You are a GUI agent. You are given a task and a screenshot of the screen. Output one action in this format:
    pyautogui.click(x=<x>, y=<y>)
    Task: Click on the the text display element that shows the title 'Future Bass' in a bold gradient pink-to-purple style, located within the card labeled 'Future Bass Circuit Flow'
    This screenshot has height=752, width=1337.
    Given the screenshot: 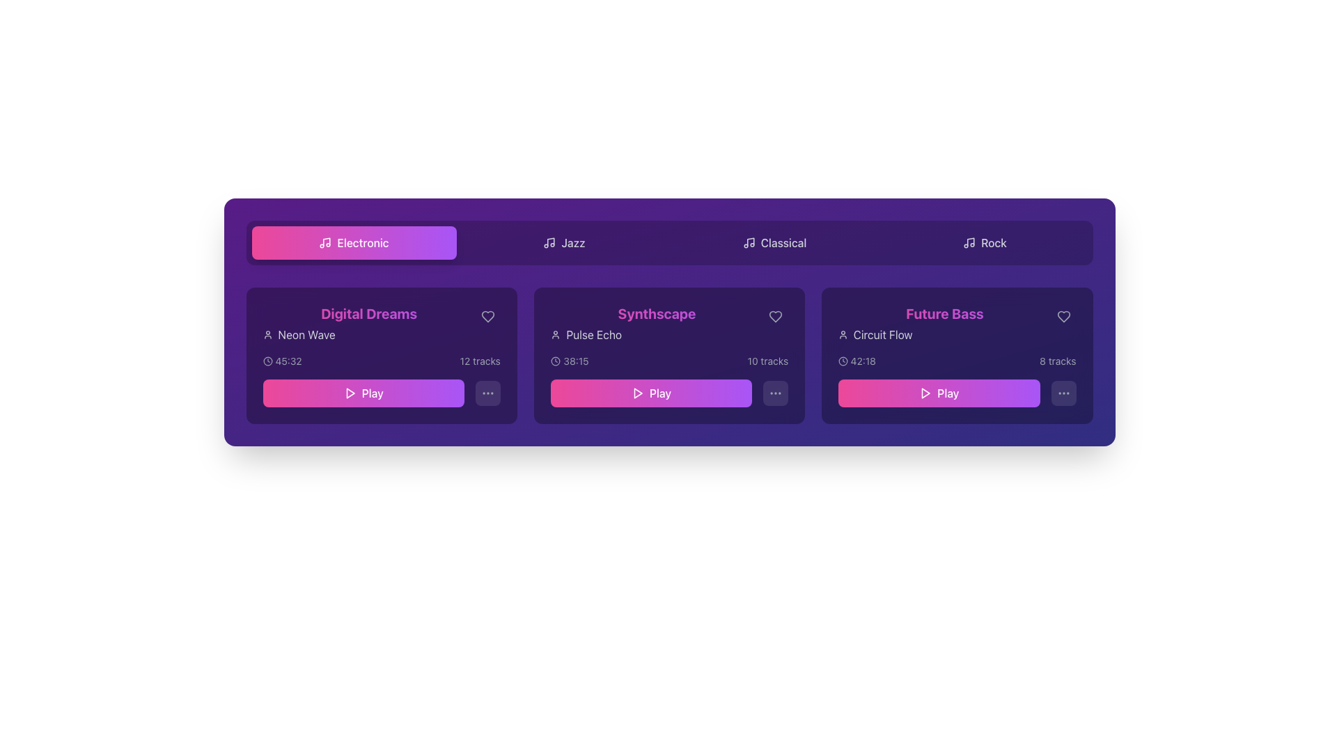 What is the action you would take?
    pyautogui.click(x=956, y=324)
    